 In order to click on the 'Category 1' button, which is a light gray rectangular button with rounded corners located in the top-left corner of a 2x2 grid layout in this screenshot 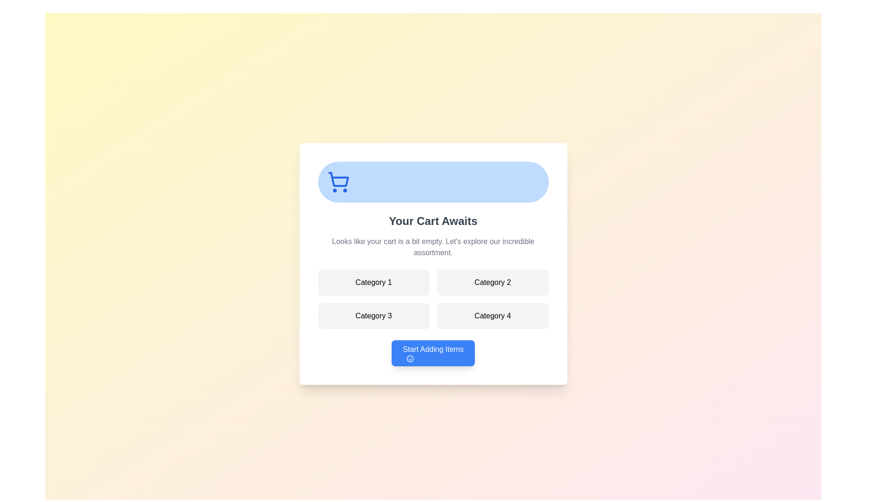, I will do `click(373, 282)`.